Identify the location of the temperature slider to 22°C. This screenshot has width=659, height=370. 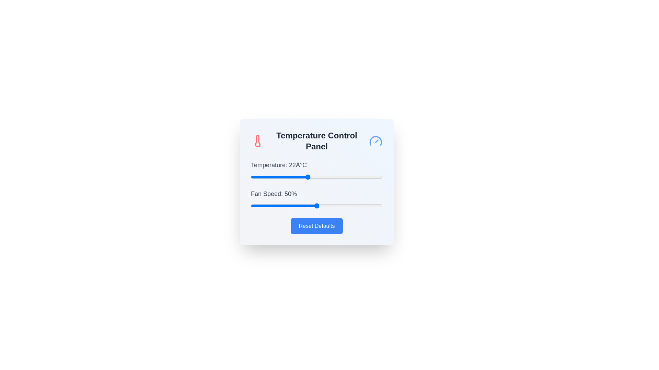
(307, 176).